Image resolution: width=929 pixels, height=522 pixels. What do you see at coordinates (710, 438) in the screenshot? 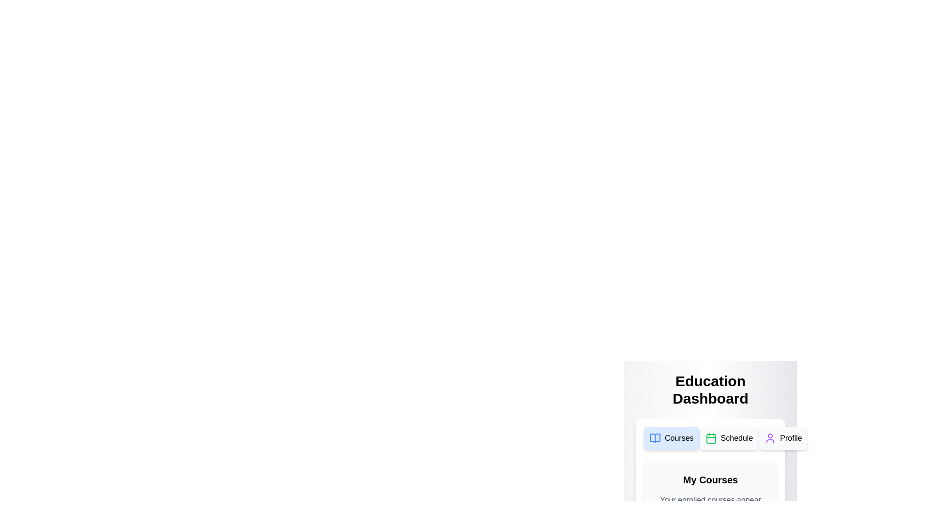
I see `the highlighted section of the Horizontal navigation bar which contains the text label 'Courses', 'Schedule', 'Profile', and 'Settings'` at bounding box center [710, 438].